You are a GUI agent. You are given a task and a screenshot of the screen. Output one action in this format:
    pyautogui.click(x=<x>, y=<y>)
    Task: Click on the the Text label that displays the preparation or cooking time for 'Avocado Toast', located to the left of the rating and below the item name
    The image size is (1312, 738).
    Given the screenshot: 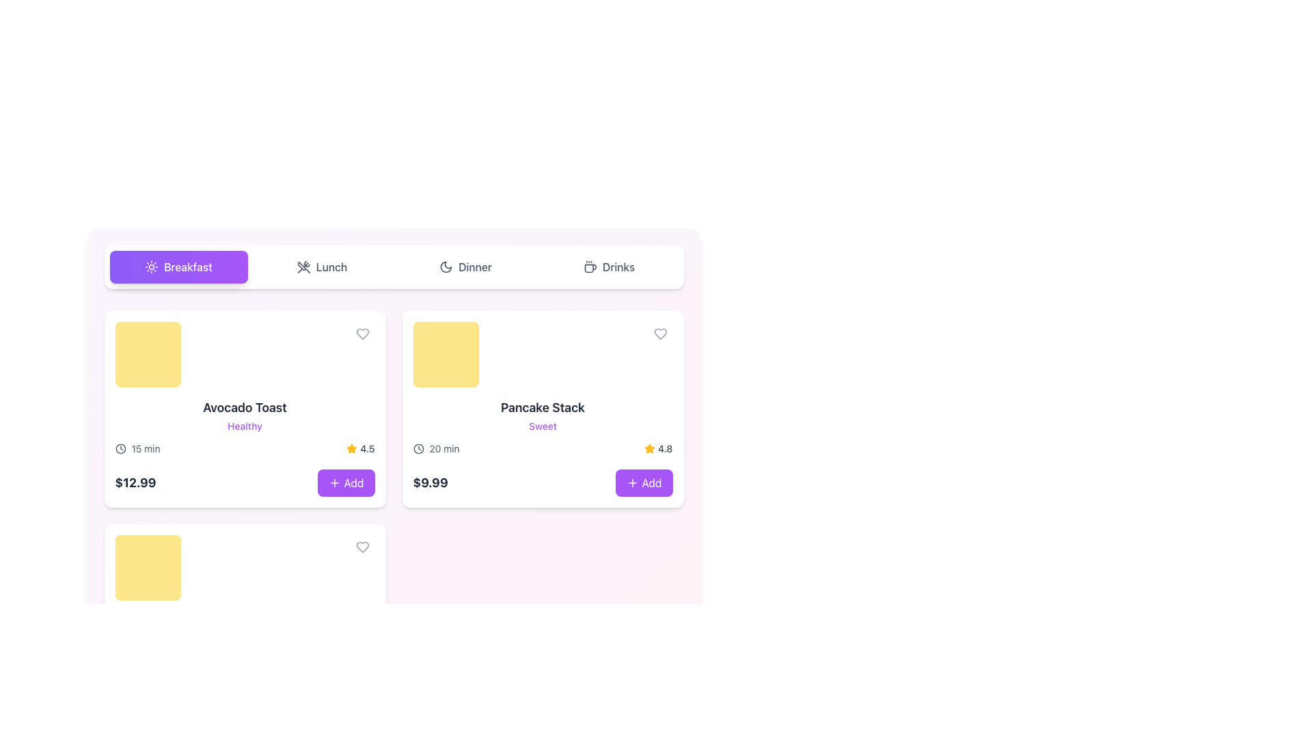 What is the action you would take?
    pyautogui.click(x=146, y=448)
    